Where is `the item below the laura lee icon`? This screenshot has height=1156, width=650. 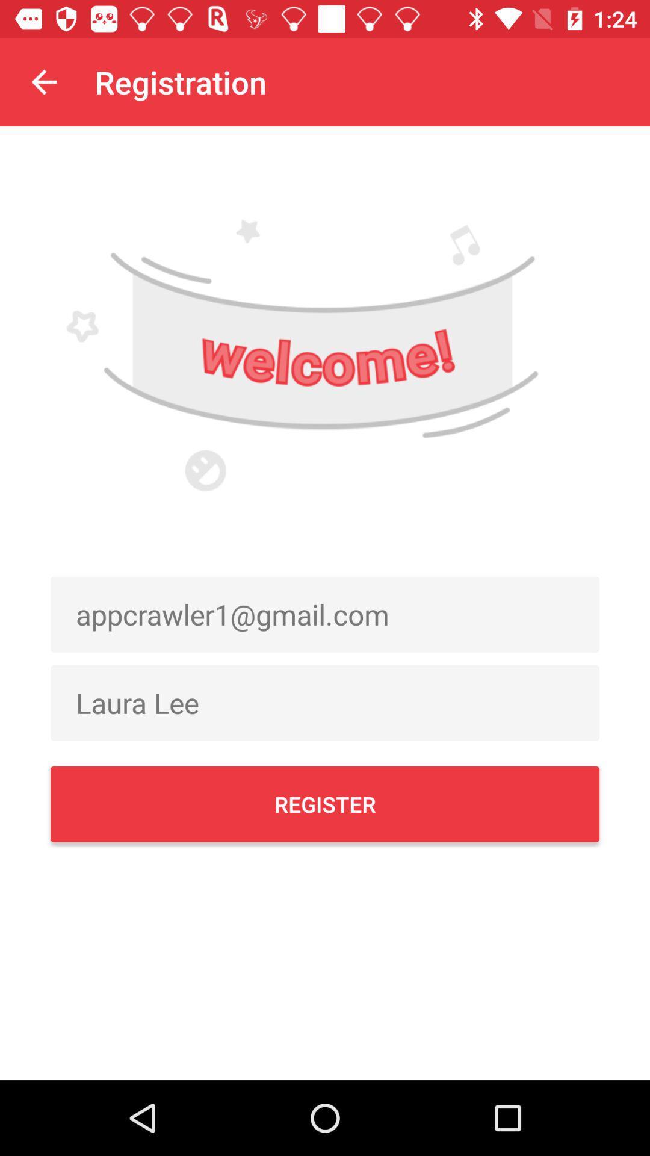
the item below the laura lee icon is located at coordinates (325, 804).